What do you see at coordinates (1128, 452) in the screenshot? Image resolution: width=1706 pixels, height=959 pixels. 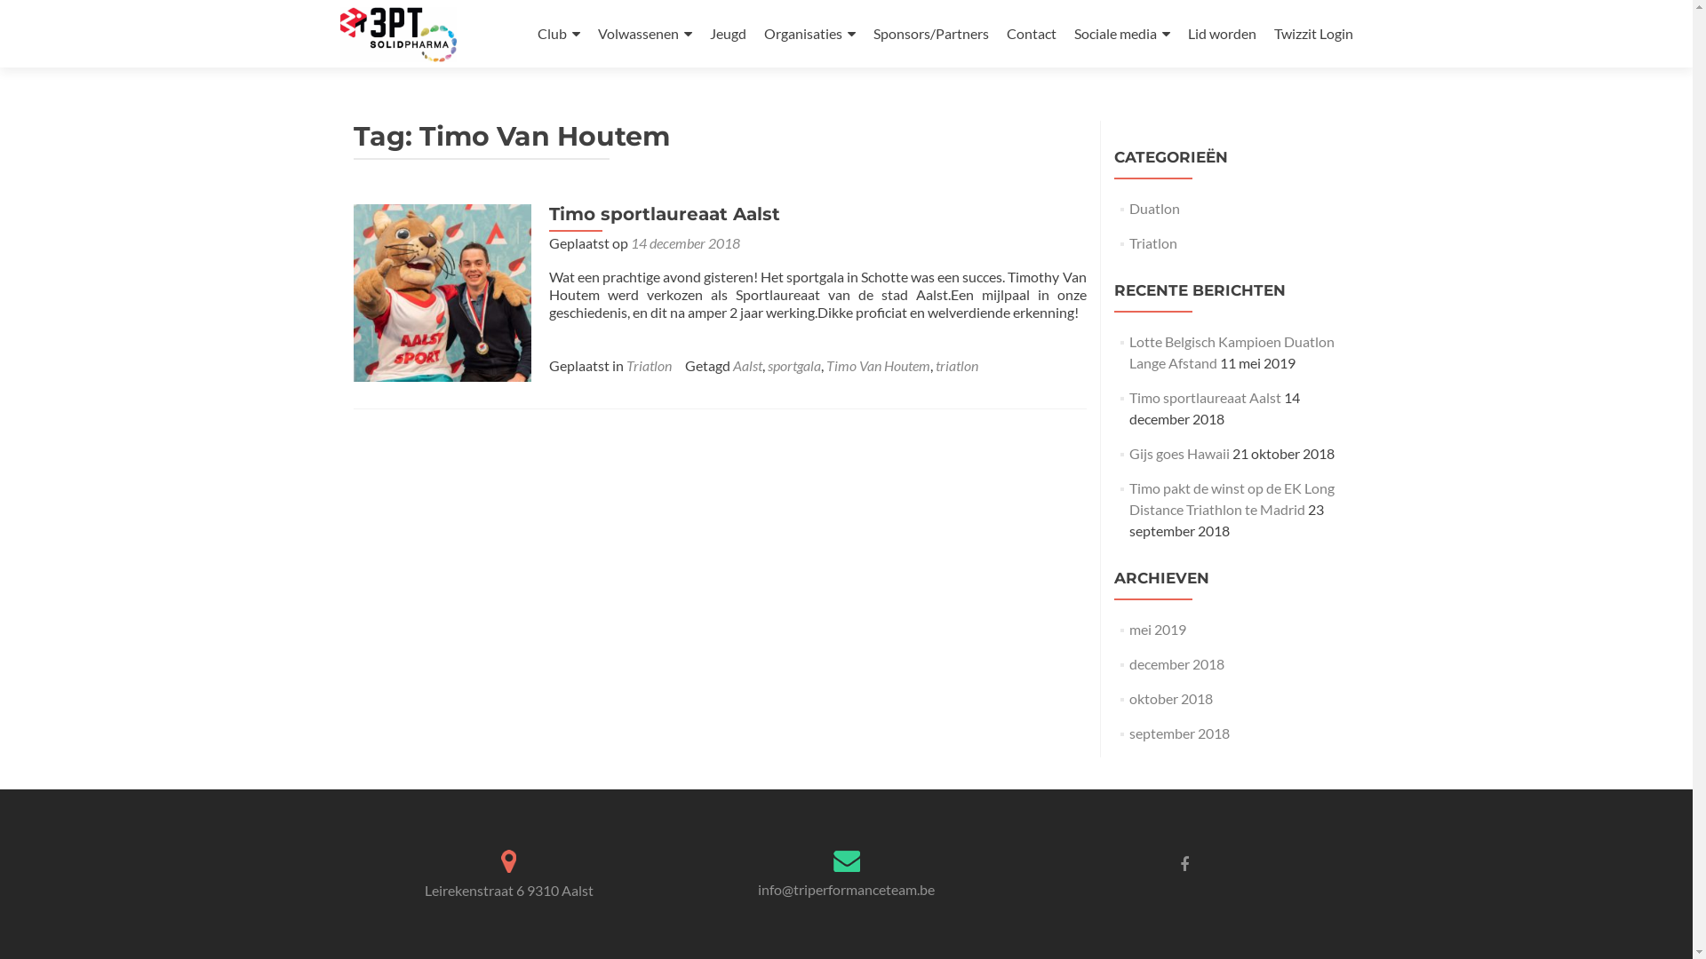 I see `'Gijs goes Hawaii'` at bounding box center [1128, 452].